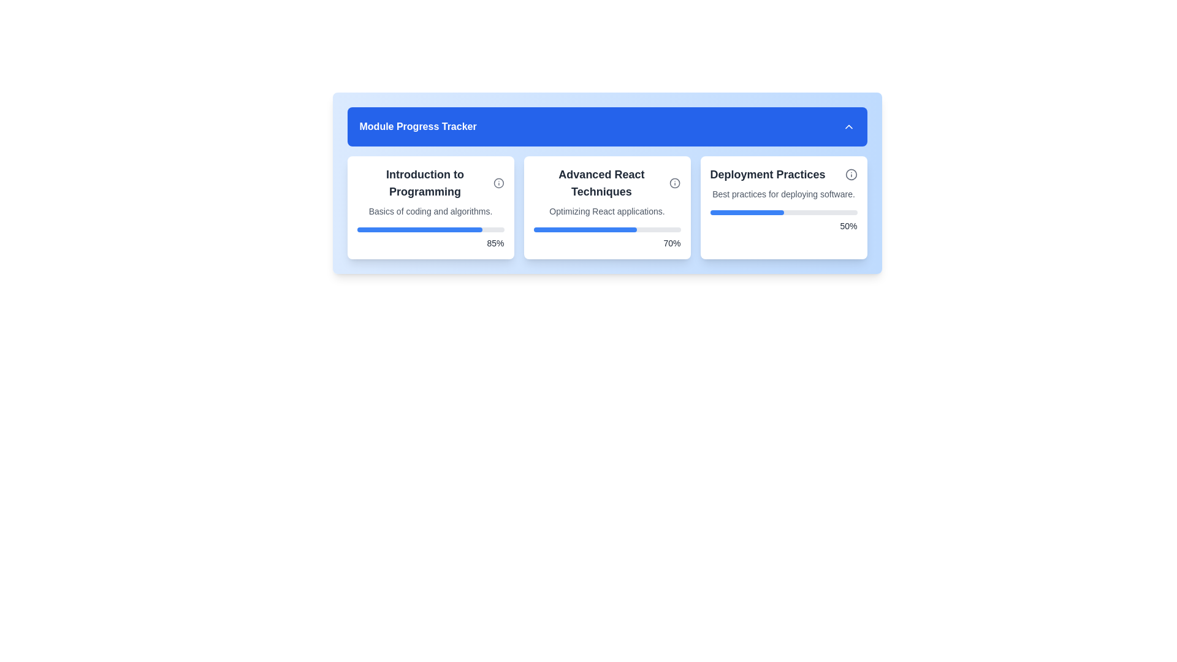  I want to click on the progress level, so click(839, 212).